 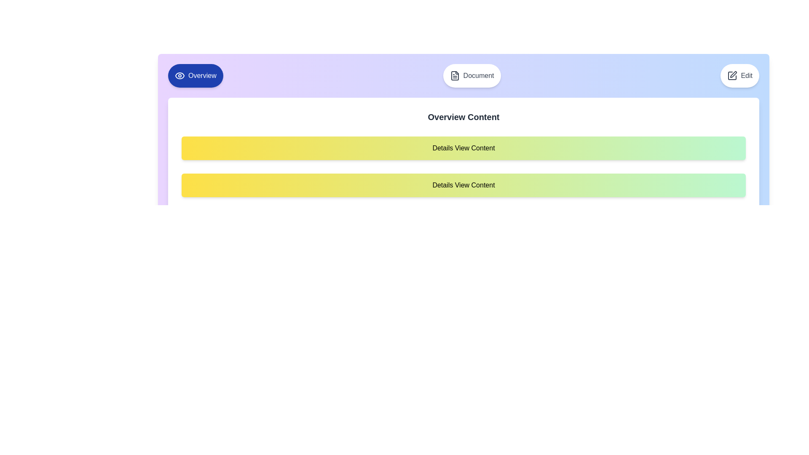 What do you see at coordinates (195, 76) in the screenshot?
I see `the active tab labeled 'Overview' to confirm its state` at bounding box center [195, 76].